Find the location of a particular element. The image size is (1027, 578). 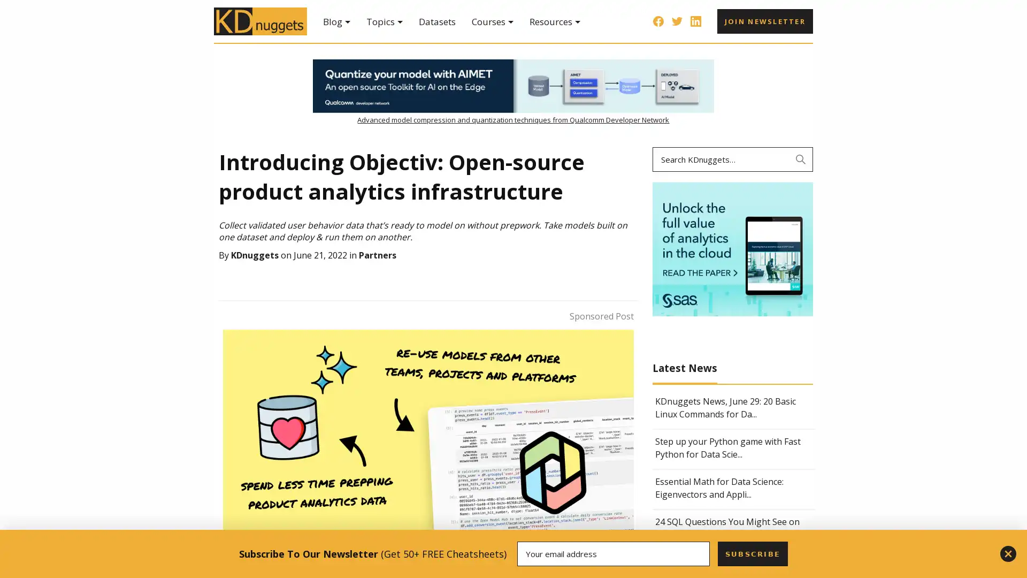

Subscribe is located at coordinates (752, 553).